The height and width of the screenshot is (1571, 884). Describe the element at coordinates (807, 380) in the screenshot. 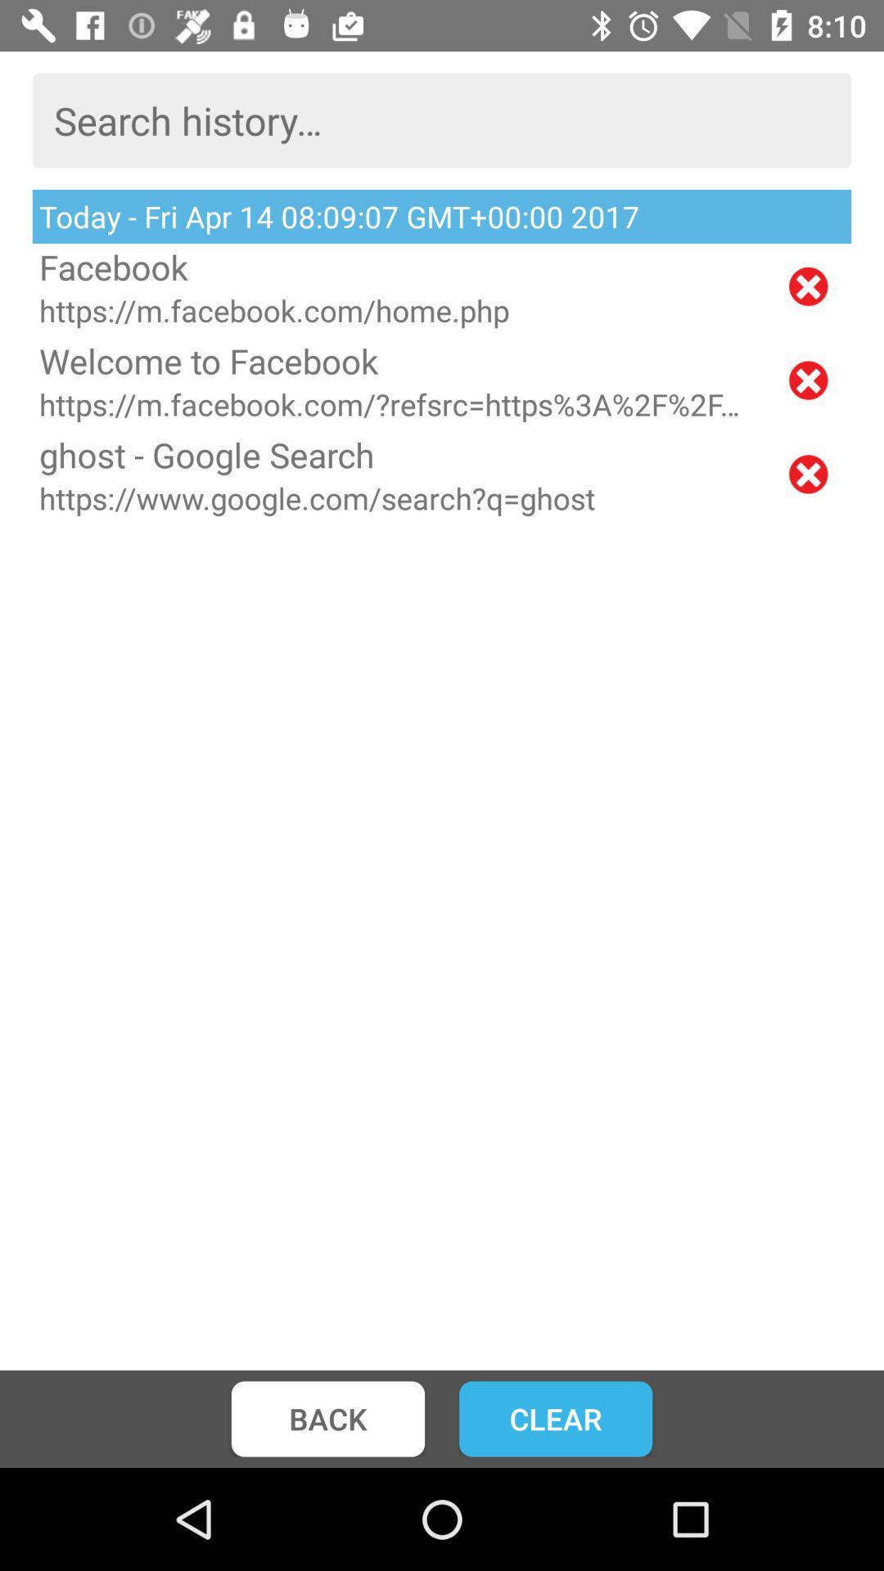

I see `delete search` at that location.